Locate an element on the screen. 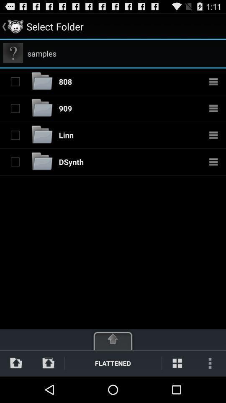 The image size is (226, 403). list of options for that file is located at coordinates (213, 107).